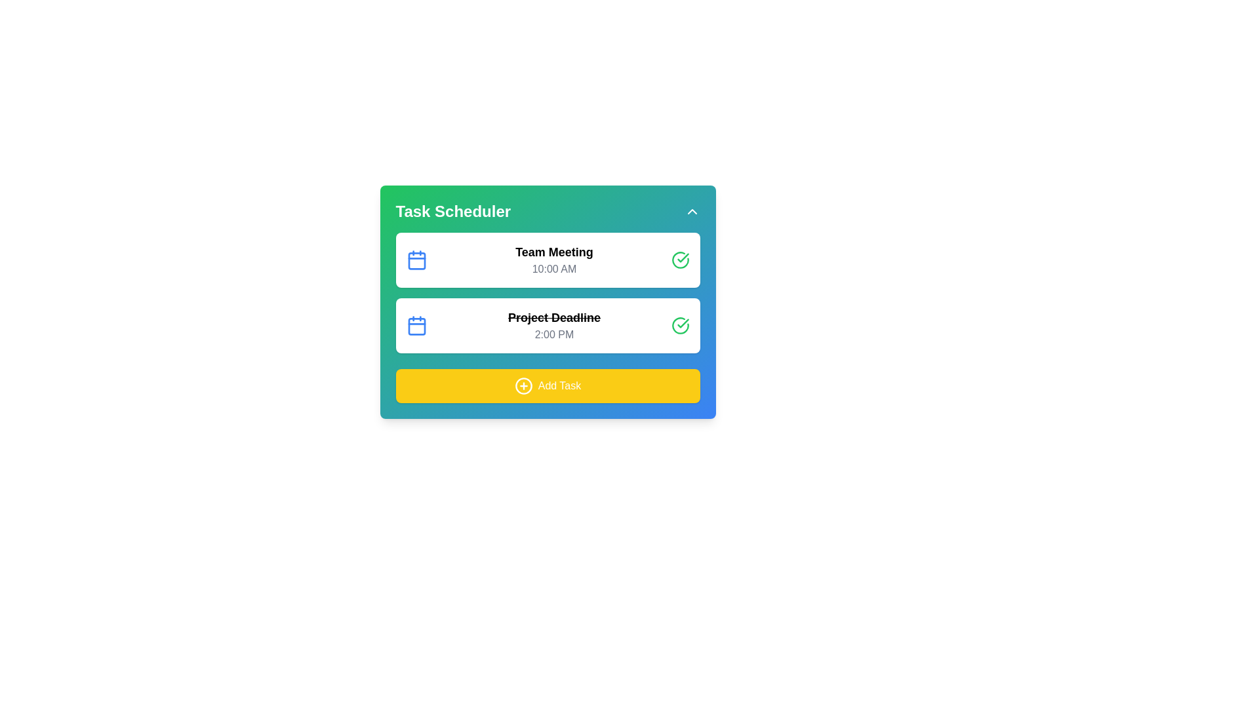 The height and width of the screenshot is (708, 1259). I want to click on the SVG Checkmark Icon located to the right of the 'Team Meeting' text in the task scheduler interface to denote task approval, so click(682, 323).